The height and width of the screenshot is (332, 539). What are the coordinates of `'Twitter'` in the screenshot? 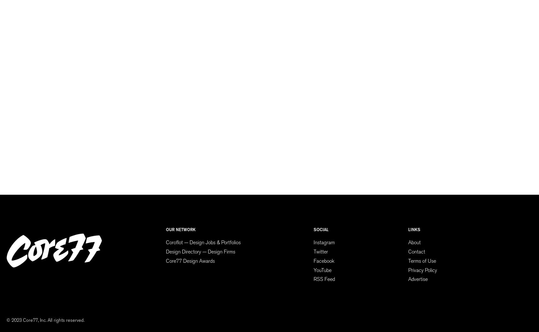 It's located at (321, 251).